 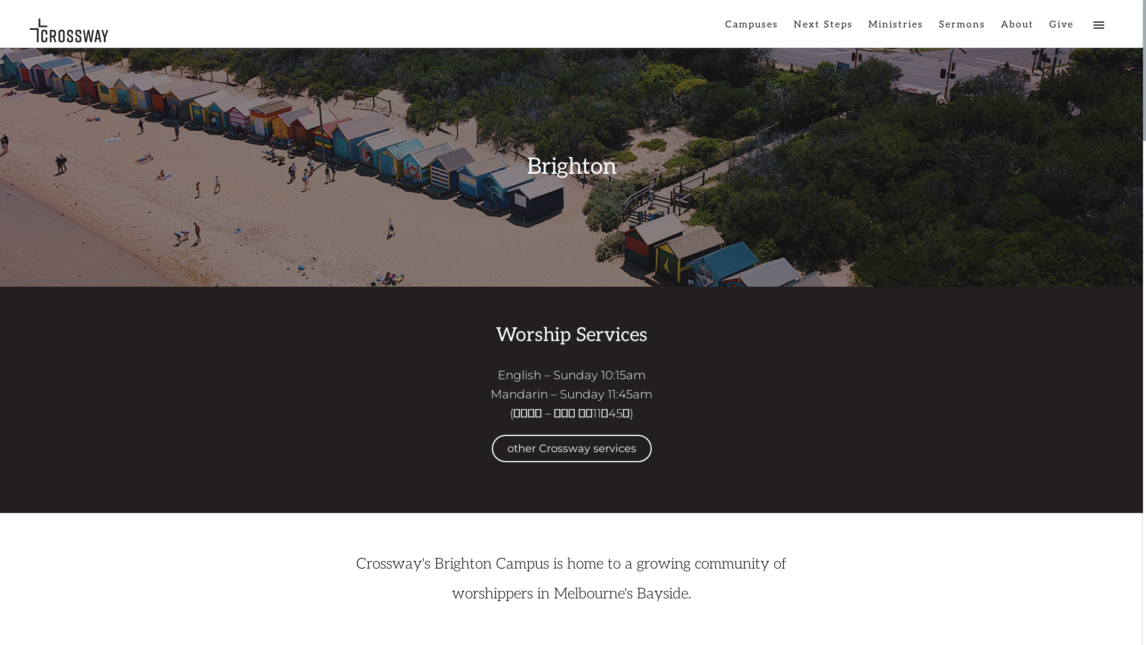 I want to click on 'Ministries', so click(x=896, y=29).